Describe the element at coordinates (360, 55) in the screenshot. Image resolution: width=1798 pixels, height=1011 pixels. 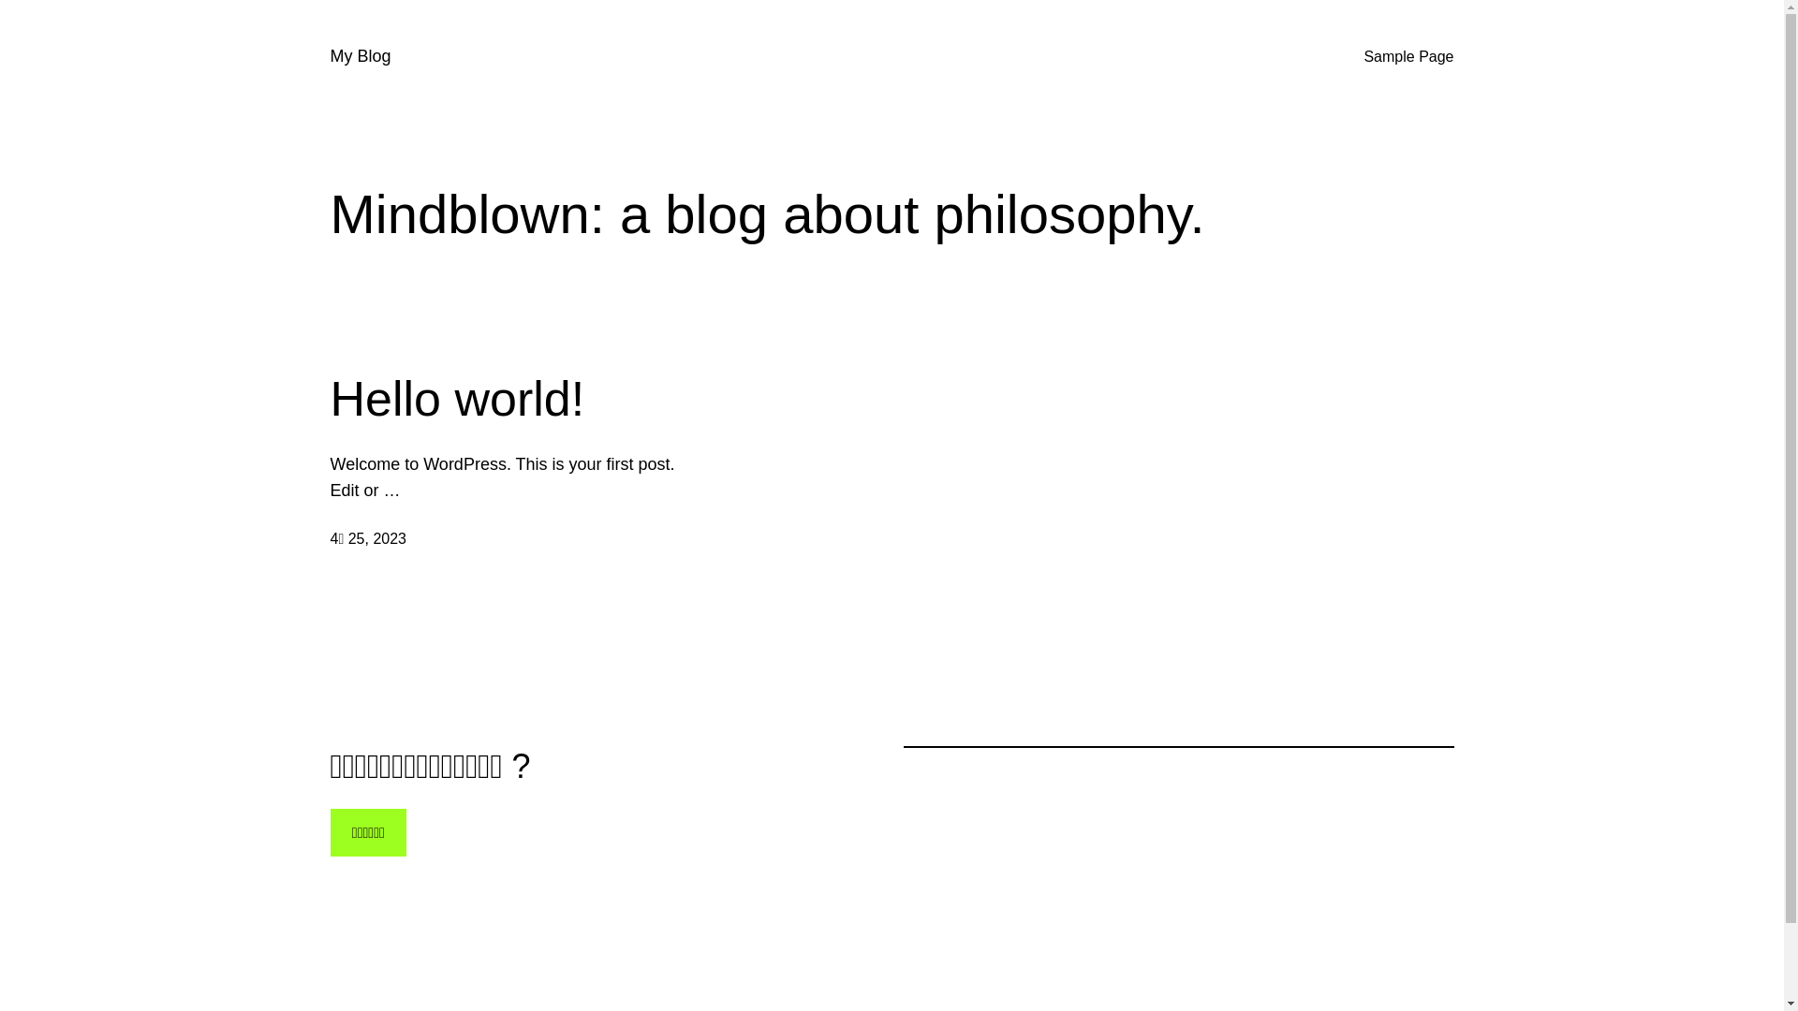
I see `'My Blog'` at that location.